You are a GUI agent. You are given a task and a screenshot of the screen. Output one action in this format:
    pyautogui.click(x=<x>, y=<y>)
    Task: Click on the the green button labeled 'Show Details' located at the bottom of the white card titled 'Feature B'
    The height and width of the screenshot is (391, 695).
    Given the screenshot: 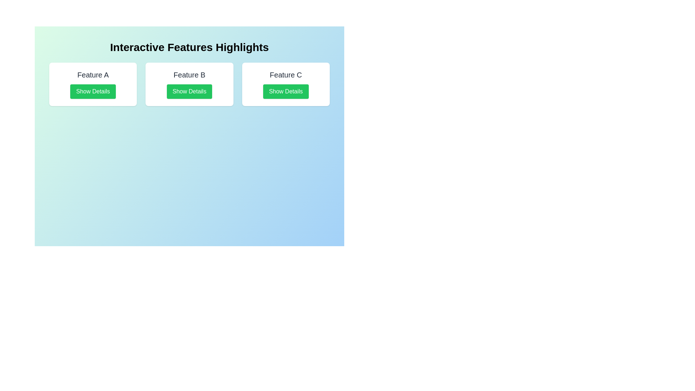 What is the action you would take?
    pyautogui.click(x=189, y=84)
    